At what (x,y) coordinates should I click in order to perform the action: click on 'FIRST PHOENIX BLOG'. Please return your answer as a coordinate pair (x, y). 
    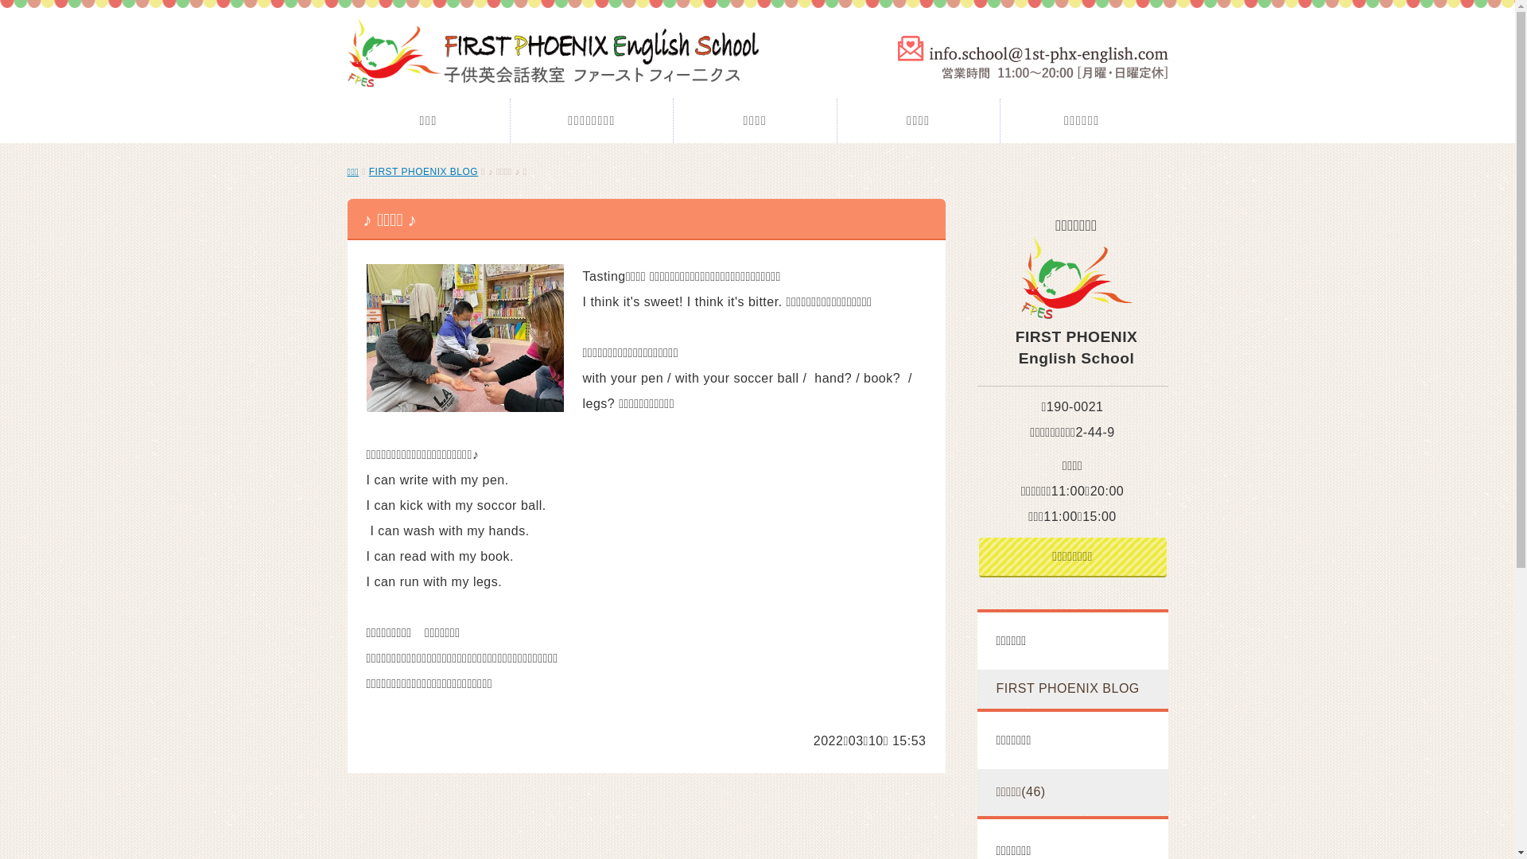
    Looking at the image, I should click on (1072, 688).